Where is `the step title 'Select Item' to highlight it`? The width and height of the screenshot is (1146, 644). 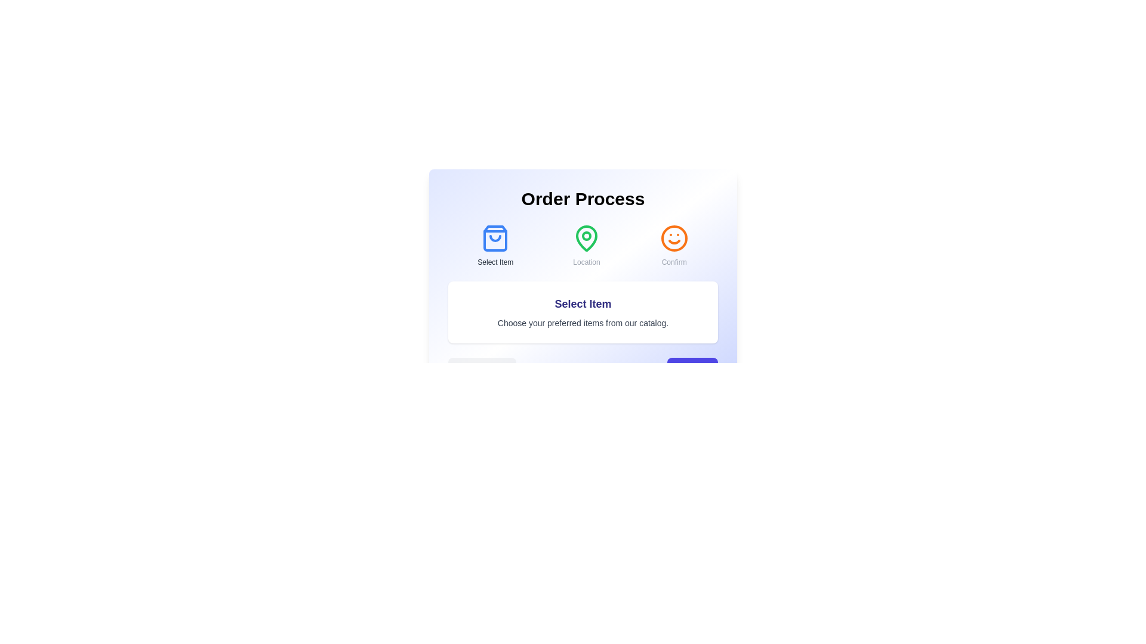 the step title 'Select Item' to highlight it is located at coordinates (583, 303).